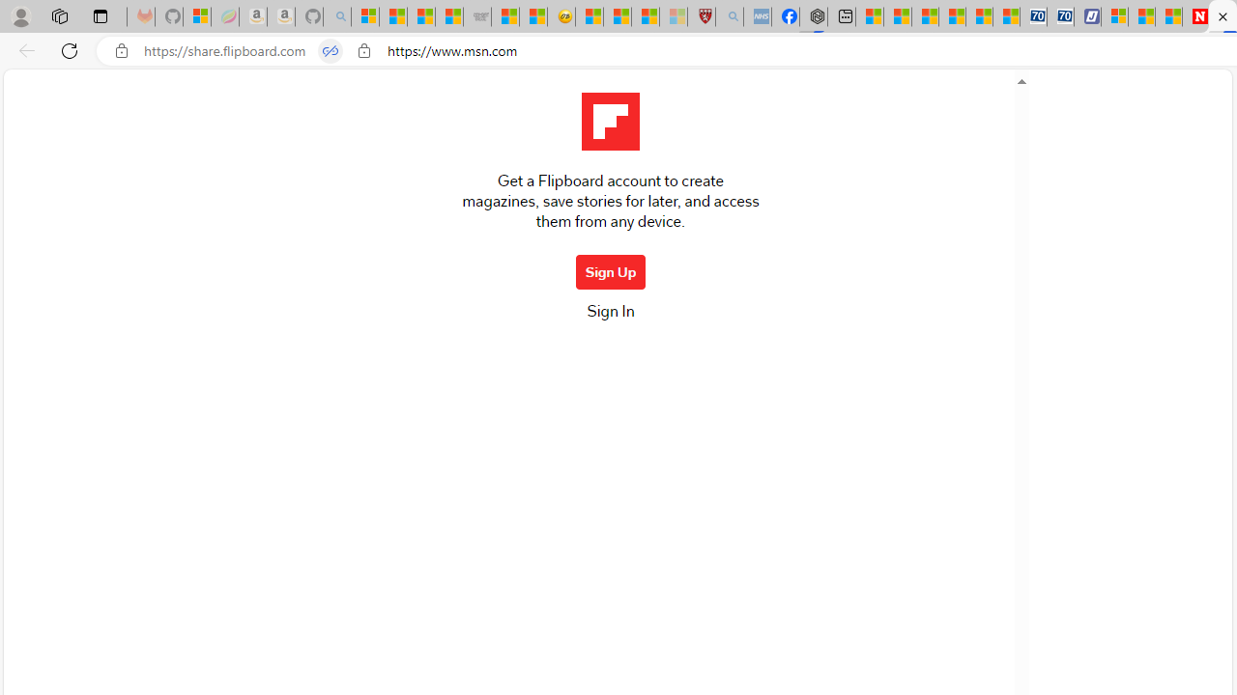 This screenshot has height=695, width=1237. Describe the element at coordinates (477, 16) in the screenshot. I see `'Combat Siege'` at that location.